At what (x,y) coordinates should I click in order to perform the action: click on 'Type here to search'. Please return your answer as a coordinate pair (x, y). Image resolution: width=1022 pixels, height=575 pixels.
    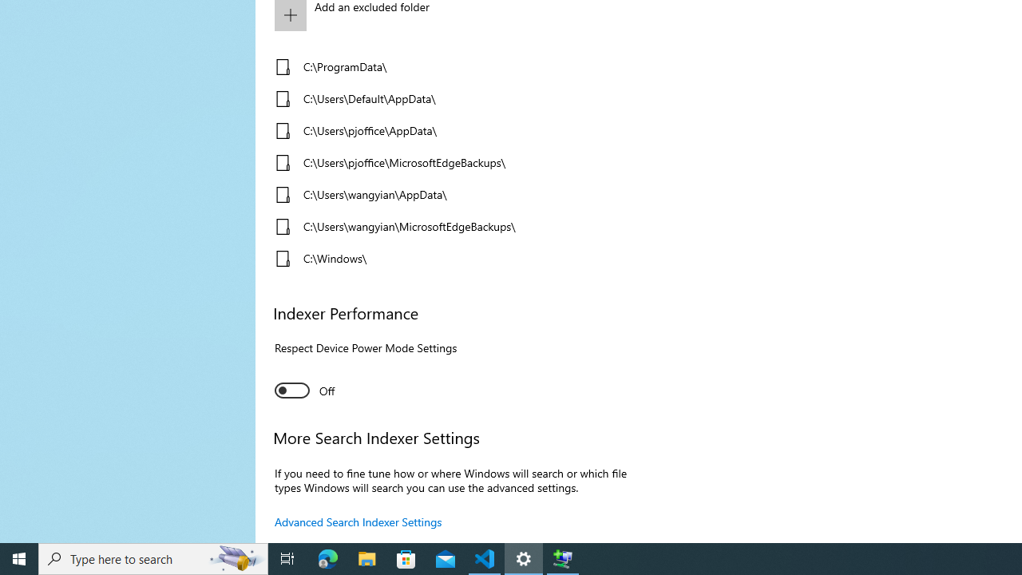
    Looking at the image, I should click on (153, 557).